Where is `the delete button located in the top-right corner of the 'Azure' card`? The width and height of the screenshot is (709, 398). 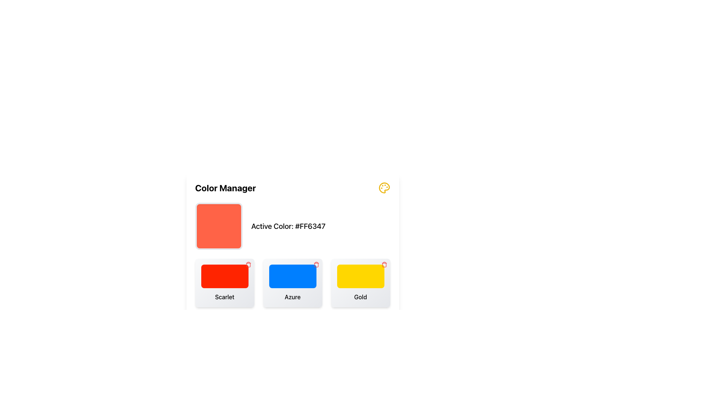
the delete button located in the top-right corner of the 'Azure' card is located at coordinates (316, 264).